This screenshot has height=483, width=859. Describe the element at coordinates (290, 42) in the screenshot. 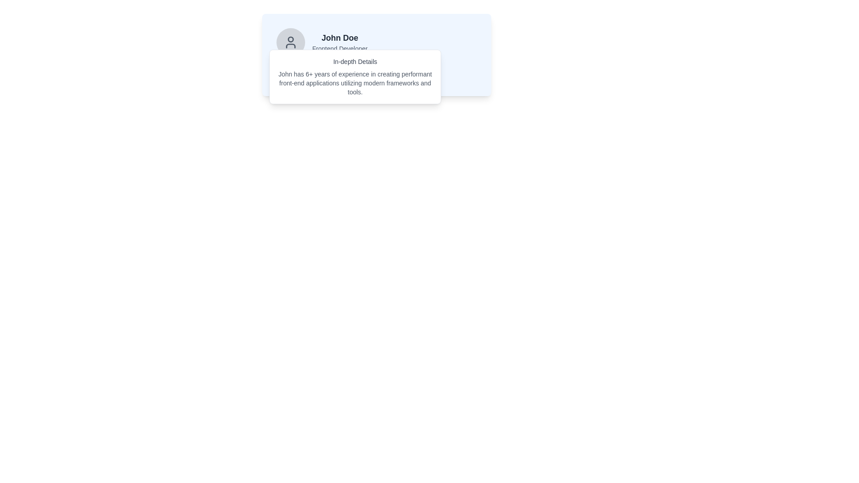

I see `the user icon, which is an SVG icon styled with a circular structure and outlined in gray, located at the center of a rounded gray background to the left of the text elements labeled 'John Doe' and 'Frontend Developer' on the profile card` at that location.